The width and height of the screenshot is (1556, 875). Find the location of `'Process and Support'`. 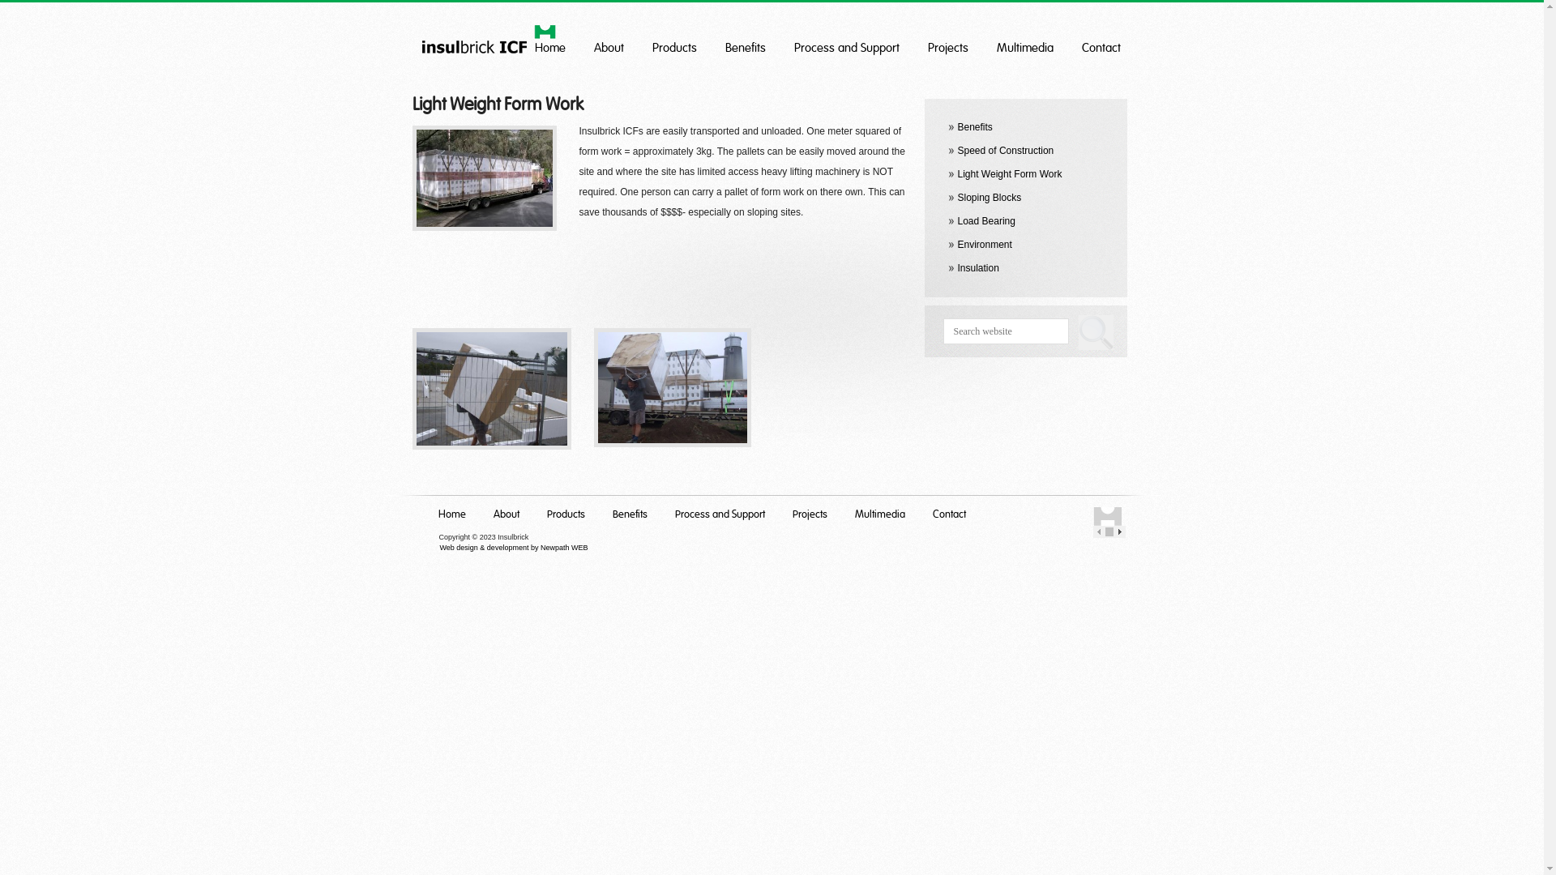

'Process and Support' is located at coordinates (719, 510).